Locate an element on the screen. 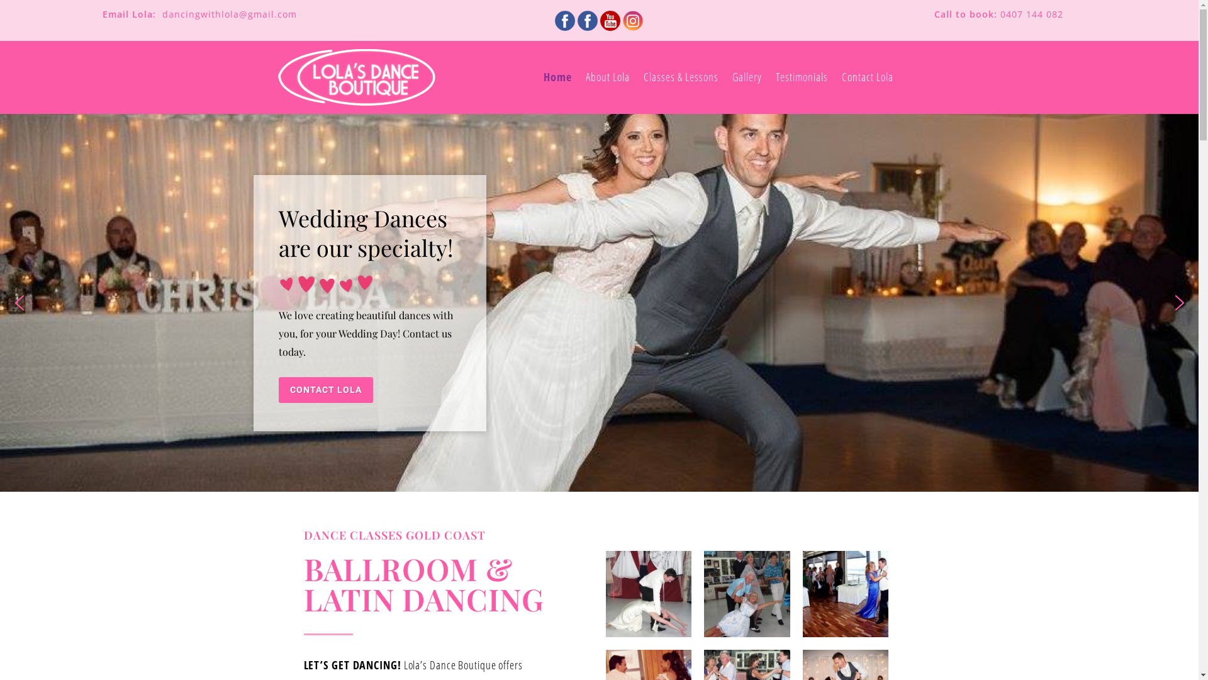 The width and height of the screenshot is (1208, 680). 'Instagram' is located at coordinates (622, 21).